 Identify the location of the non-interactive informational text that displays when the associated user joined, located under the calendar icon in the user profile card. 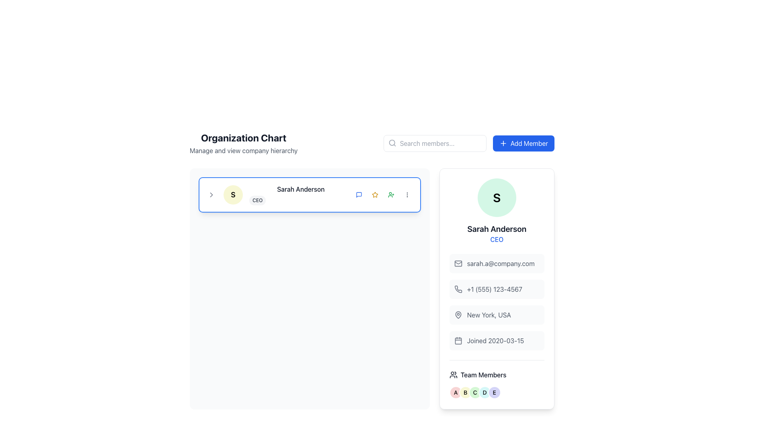
(495, 341).